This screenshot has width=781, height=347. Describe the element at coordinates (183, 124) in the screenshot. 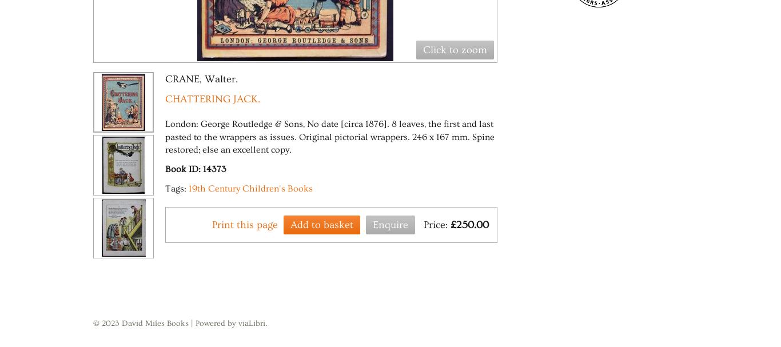

I see `'London:'` at that location.